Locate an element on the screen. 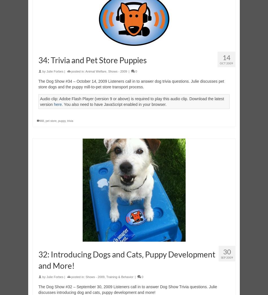  'pet store' is located at coordinates (51, 121).